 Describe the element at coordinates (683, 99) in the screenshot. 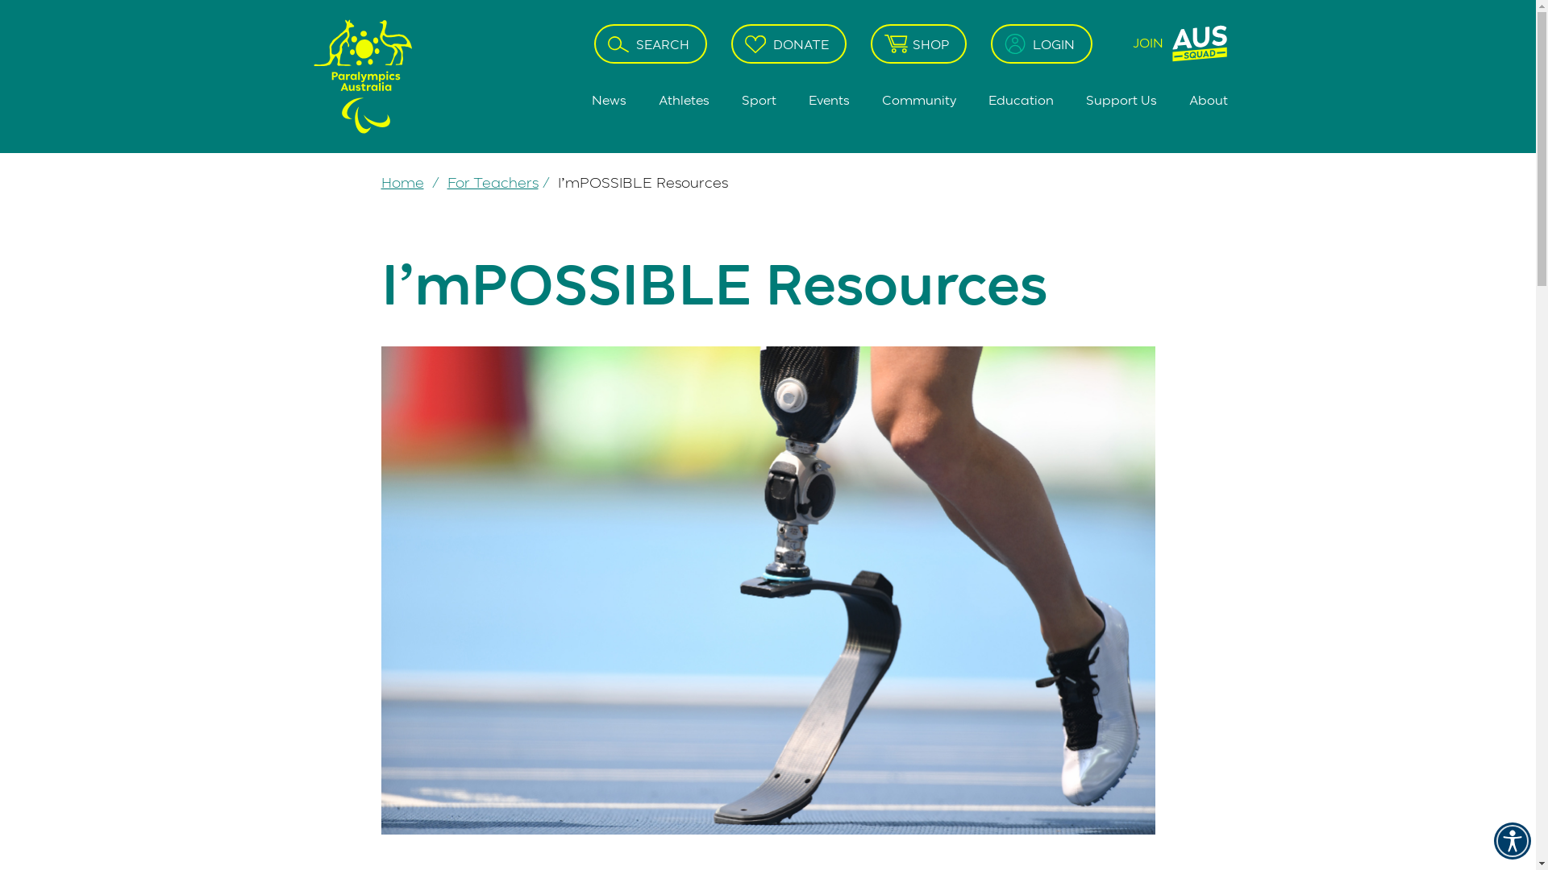

I see `'Athletes'` at that location.